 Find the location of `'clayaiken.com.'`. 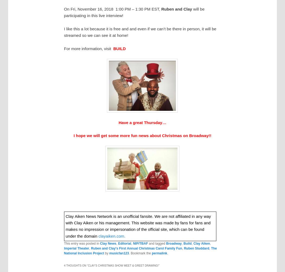

'clayaiken.com.' is located at coordinates (112, 236).